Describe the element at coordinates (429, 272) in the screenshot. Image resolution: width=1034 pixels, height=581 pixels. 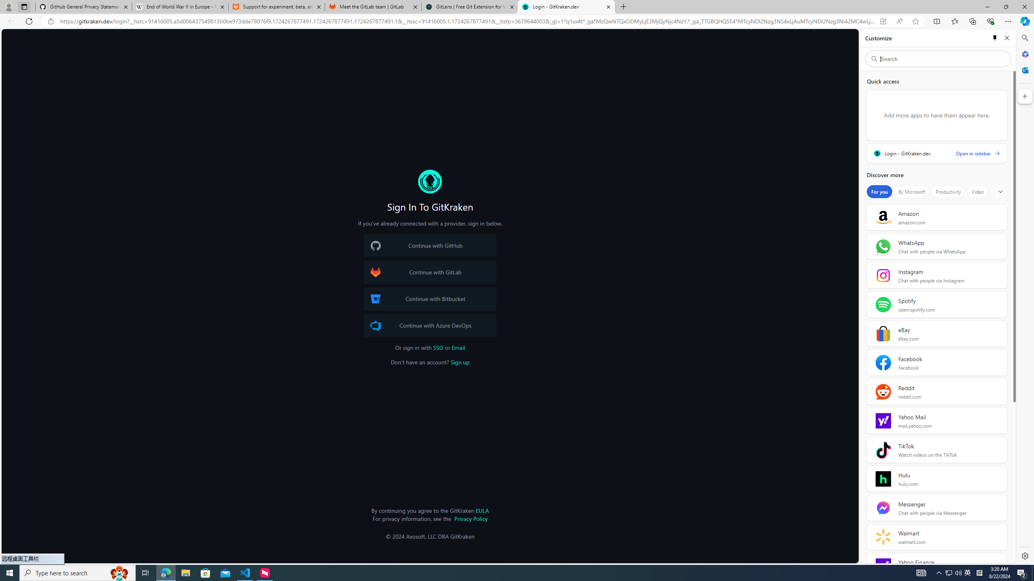
I see `'GitLab Logo Continue with GitLab'` at that location.